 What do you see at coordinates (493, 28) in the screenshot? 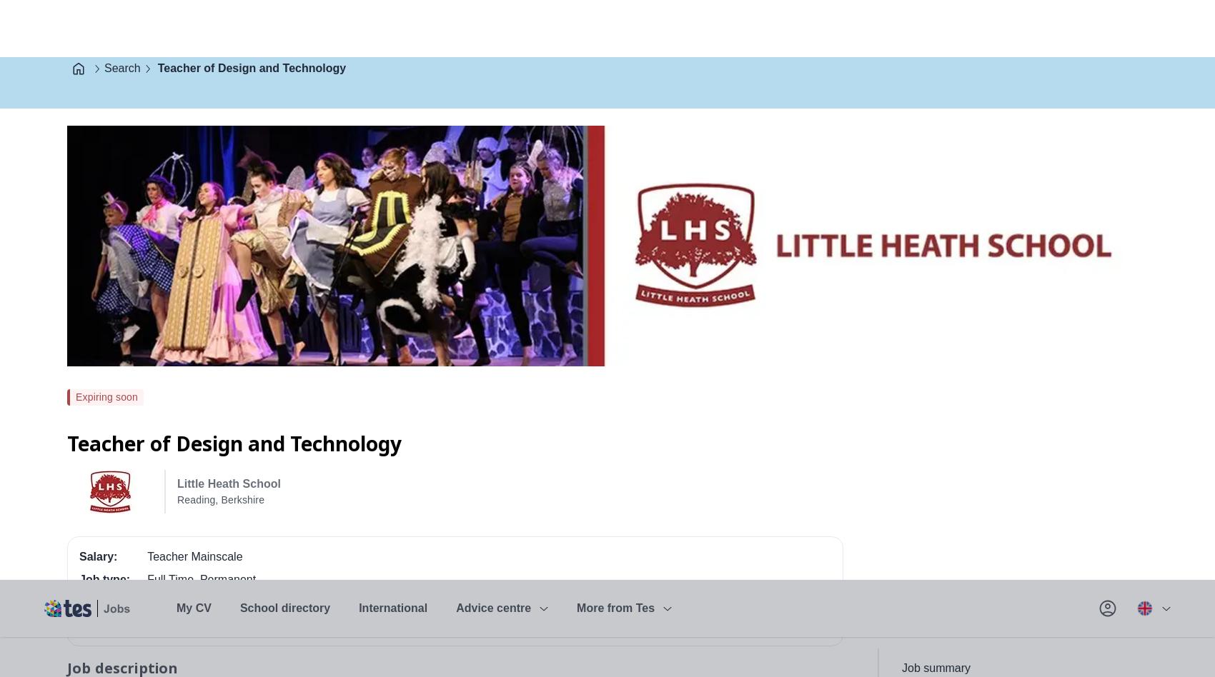
I see `'Advice centre'` at bounding box center [493, 28].